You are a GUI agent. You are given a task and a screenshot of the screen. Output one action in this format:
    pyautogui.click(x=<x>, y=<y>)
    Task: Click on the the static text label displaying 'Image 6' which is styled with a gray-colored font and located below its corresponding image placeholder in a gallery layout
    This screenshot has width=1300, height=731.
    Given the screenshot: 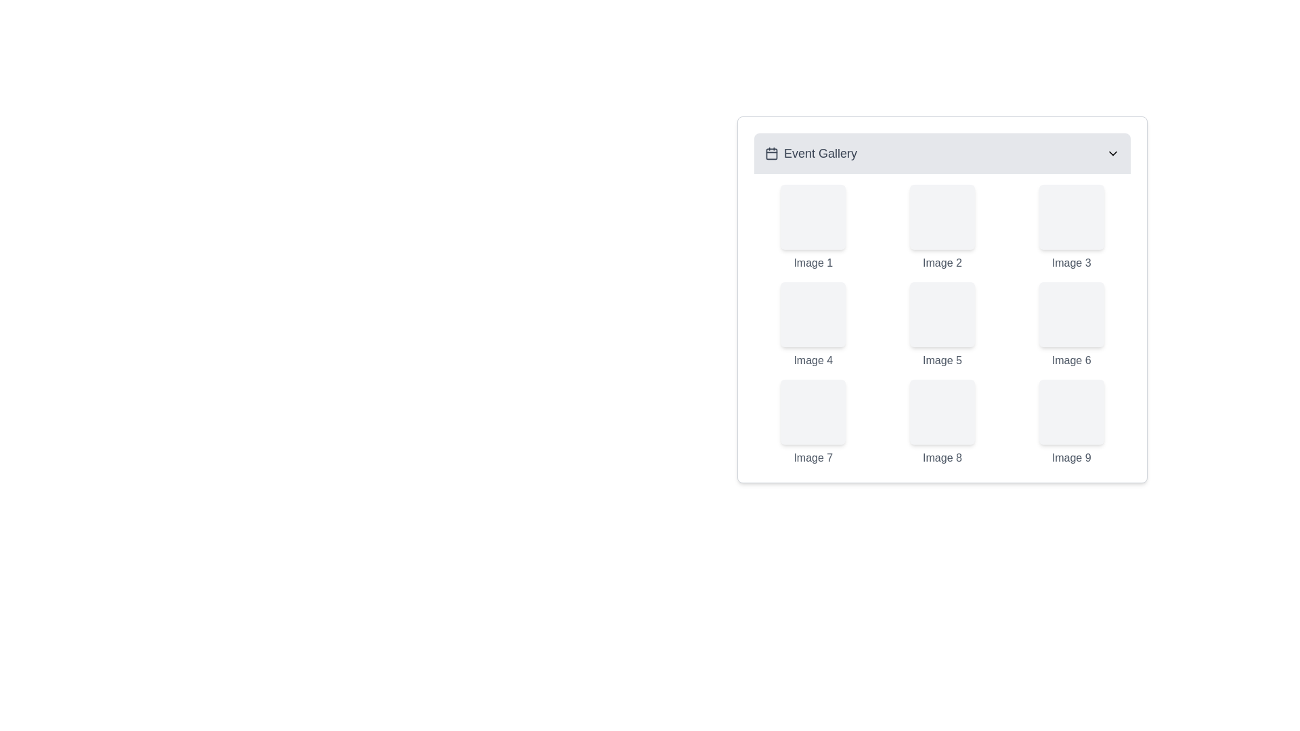 What is the action you would take?
    pyautogui.click(x=1070, y=359)
    